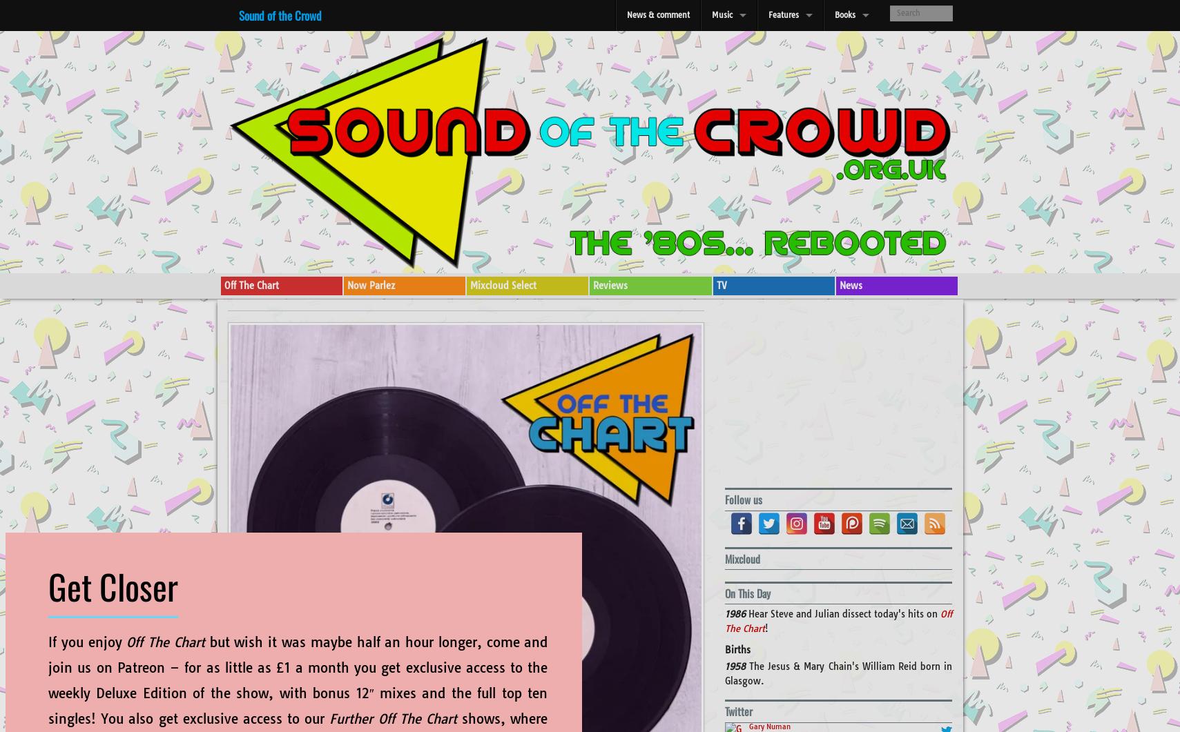  What do you see at coordinates (735, 613) in the screenshot?
I see `'1986'` at bounding box center [735, 613].